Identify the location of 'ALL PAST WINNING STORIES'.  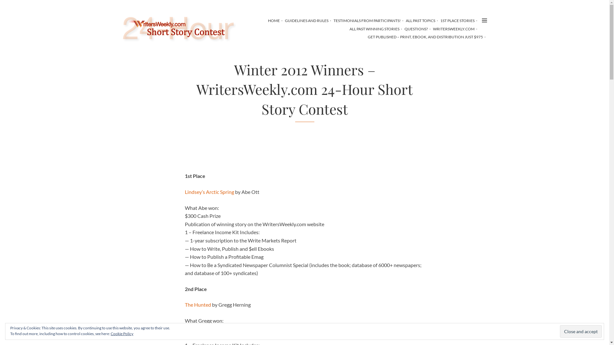
(374, 29).